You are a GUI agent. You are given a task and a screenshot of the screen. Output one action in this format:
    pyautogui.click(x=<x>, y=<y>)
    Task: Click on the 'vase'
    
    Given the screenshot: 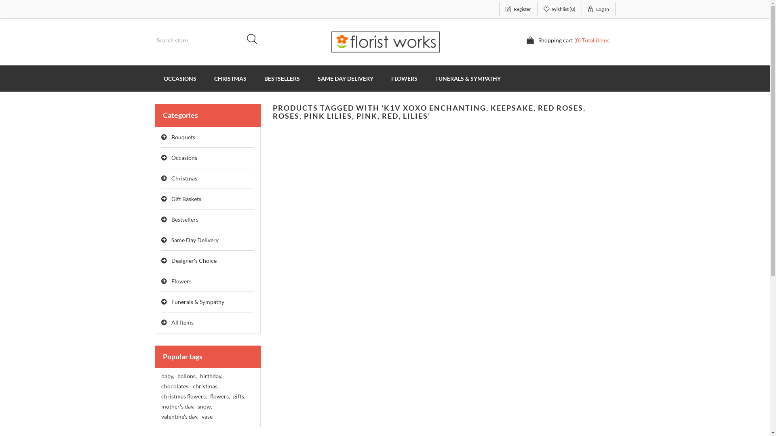 What is the action you would take?
    pyautogui.click(x=207, y=417)
    